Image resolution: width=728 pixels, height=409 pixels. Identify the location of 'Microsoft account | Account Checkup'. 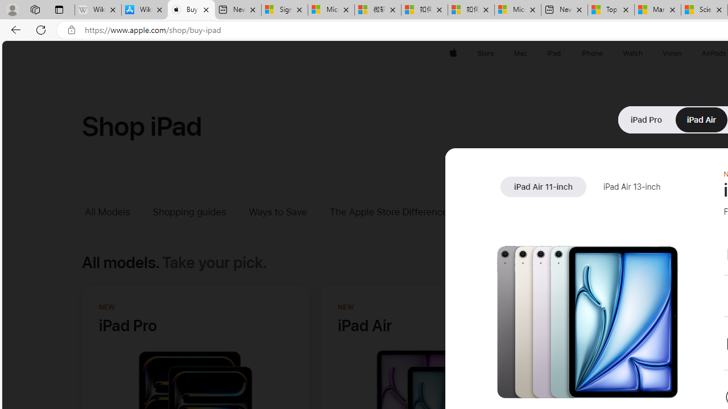
(517, 10).